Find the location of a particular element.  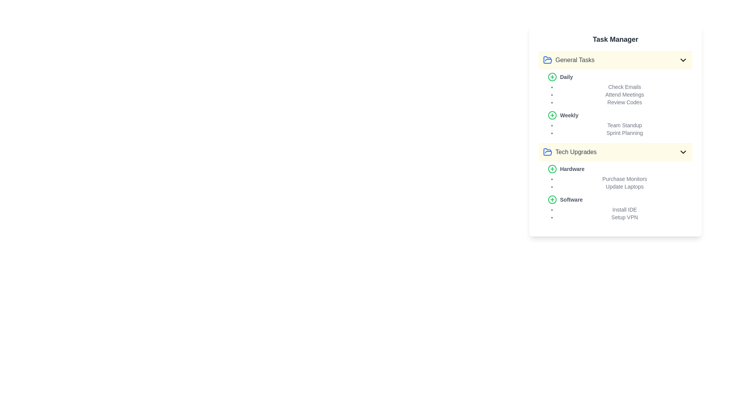

the button positioned to the left of the 'Daily' text label within the 'General Tasks' section is located at coordinates (552, 77).